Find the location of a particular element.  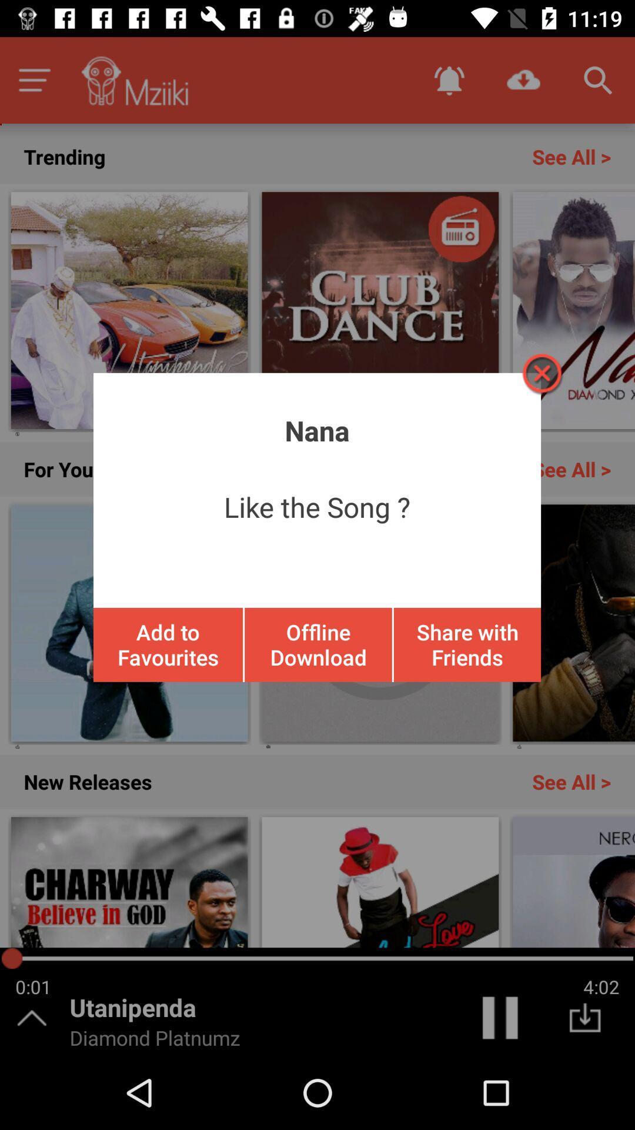

the icon below the like the song ? item is located at coordinates (168, 644).